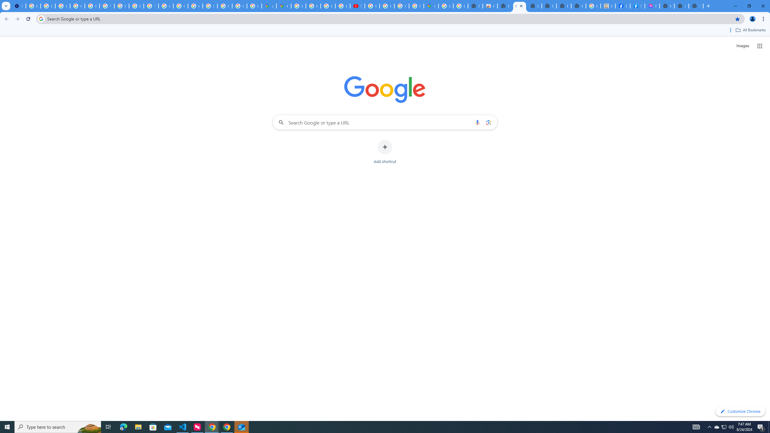 The image size is (770, 433). Describe the element at coordinates (33, 6) in the screenshot. I see `'Delete photos & videos - Computer - Google Photos Help'` at that location.